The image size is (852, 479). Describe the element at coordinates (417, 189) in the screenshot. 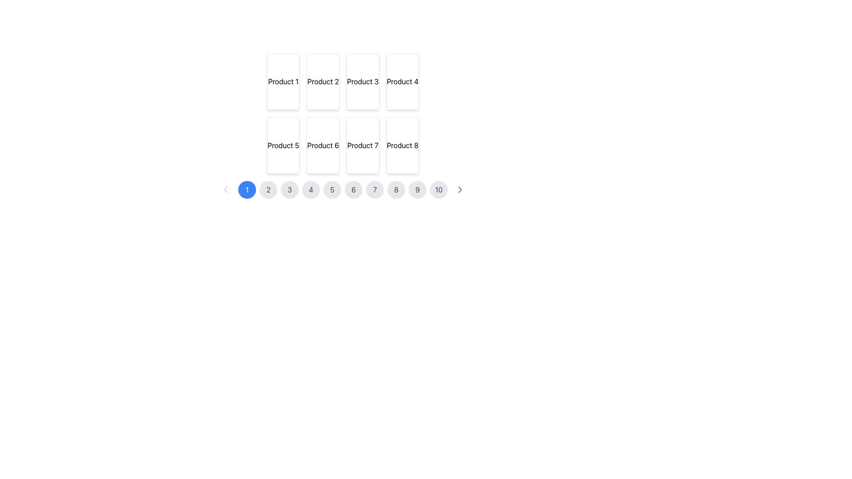

I see `the ninth pagination button located at the bottom center of the page to switch to the ninth page of content` at that location.